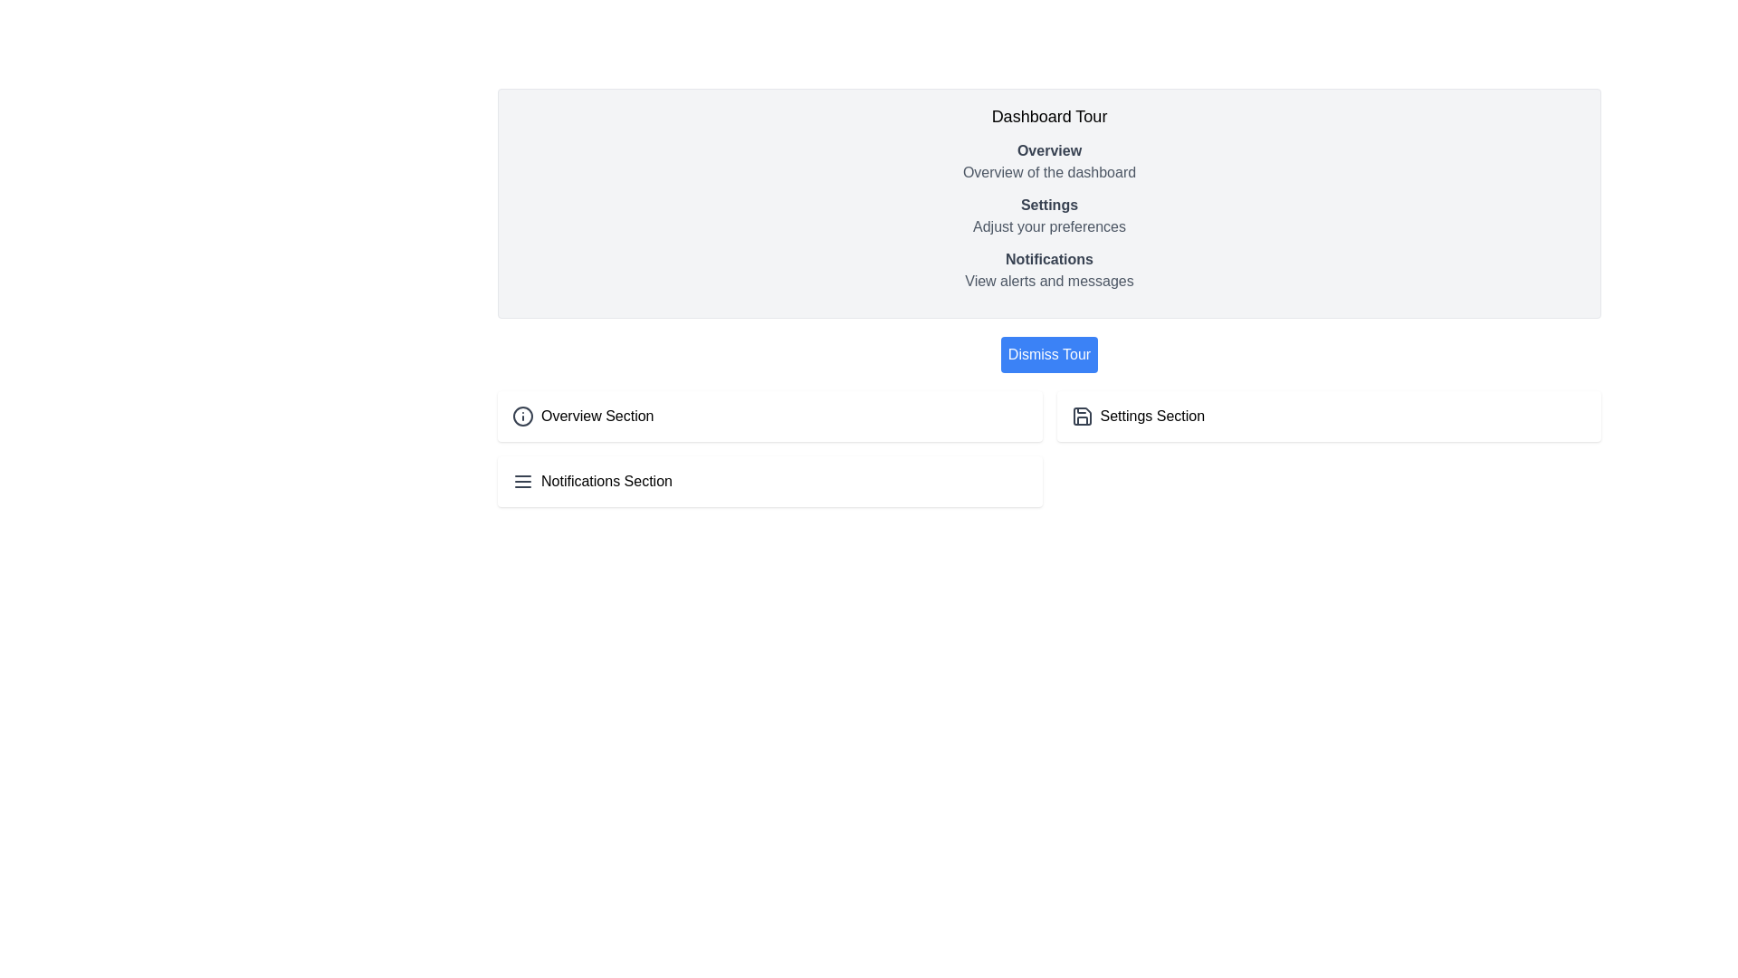 Image resolution: width=1738 pixels, height=978 pixels. What do you see at coordinates (521, 416) in the screenshot?
I see `the circular element located at the center of the information symbol, which is styled with a stroke and no fill, positioned above the 'Overview Section' text` at bounding box center [521, 416].